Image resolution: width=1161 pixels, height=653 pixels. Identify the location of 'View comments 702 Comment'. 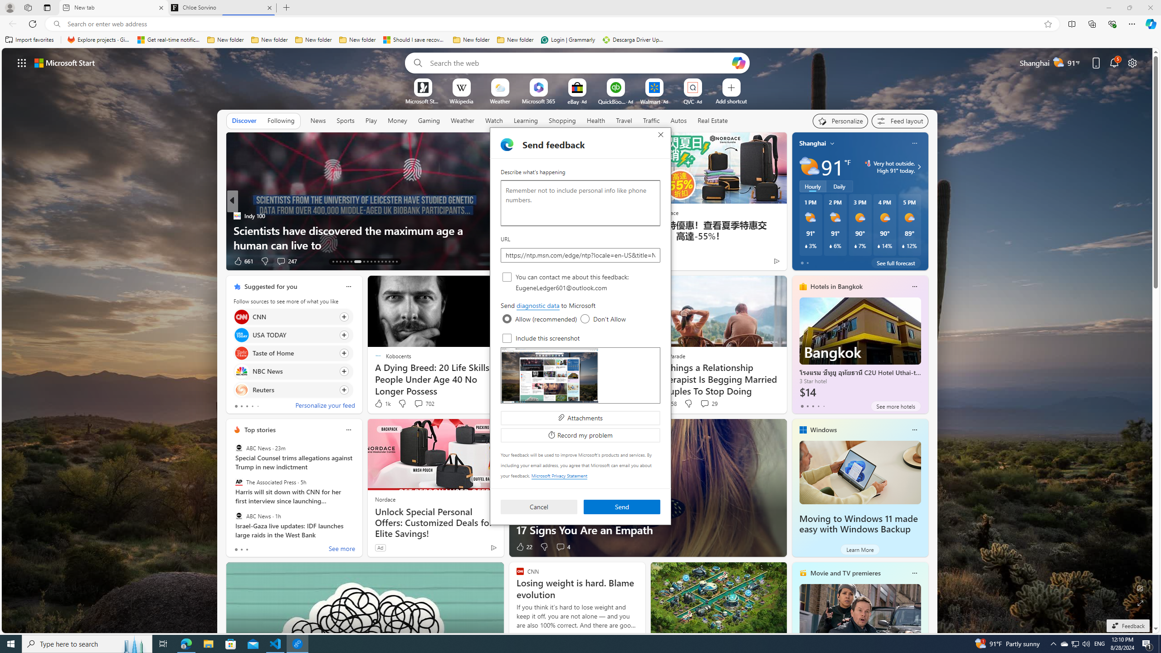
(418, 403).